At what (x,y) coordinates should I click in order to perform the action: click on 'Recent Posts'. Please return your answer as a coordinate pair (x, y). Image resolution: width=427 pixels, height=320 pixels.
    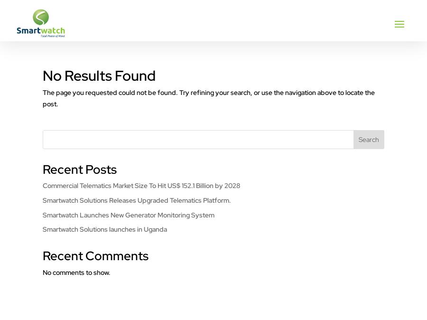
    Looking at the image, I should click on (80, 169).